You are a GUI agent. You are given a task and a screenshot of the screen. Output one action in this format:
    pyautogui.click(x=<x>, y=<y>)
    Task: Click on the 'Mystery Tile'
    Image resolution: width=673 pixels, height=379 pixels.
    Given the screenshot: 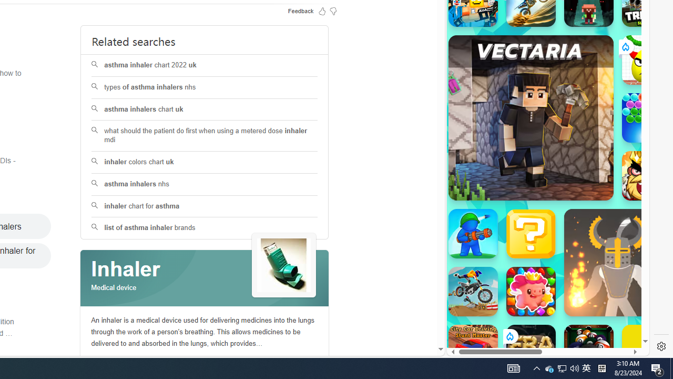 What is the action you would take?
    pyautogui.click(x=531, y=233)
    